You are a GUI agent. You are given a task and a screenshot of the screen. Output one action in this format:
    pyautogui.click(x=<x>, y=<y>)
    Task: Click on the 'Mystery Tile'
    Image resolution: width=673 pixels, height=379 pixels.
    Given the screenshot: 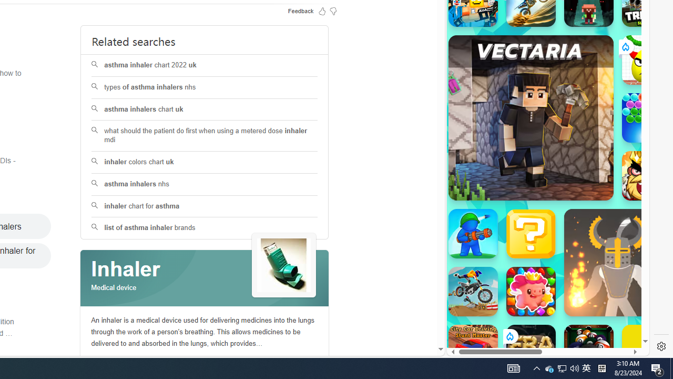 What is the action you would take?
    pyautogui.click(x=531, y=233)
    